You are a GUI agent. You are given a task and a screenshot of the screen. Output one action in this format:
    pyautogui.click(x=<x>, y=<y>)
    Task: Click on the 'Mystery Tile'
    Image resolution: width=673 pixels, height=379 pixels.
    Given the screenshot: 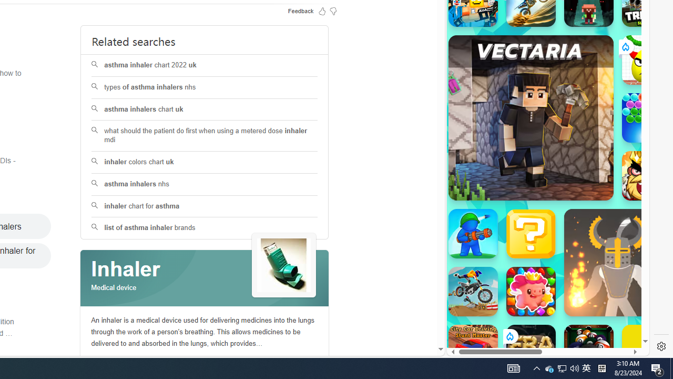 What is the action you would take?
    pyautogui.click(x=531, y=233)
    